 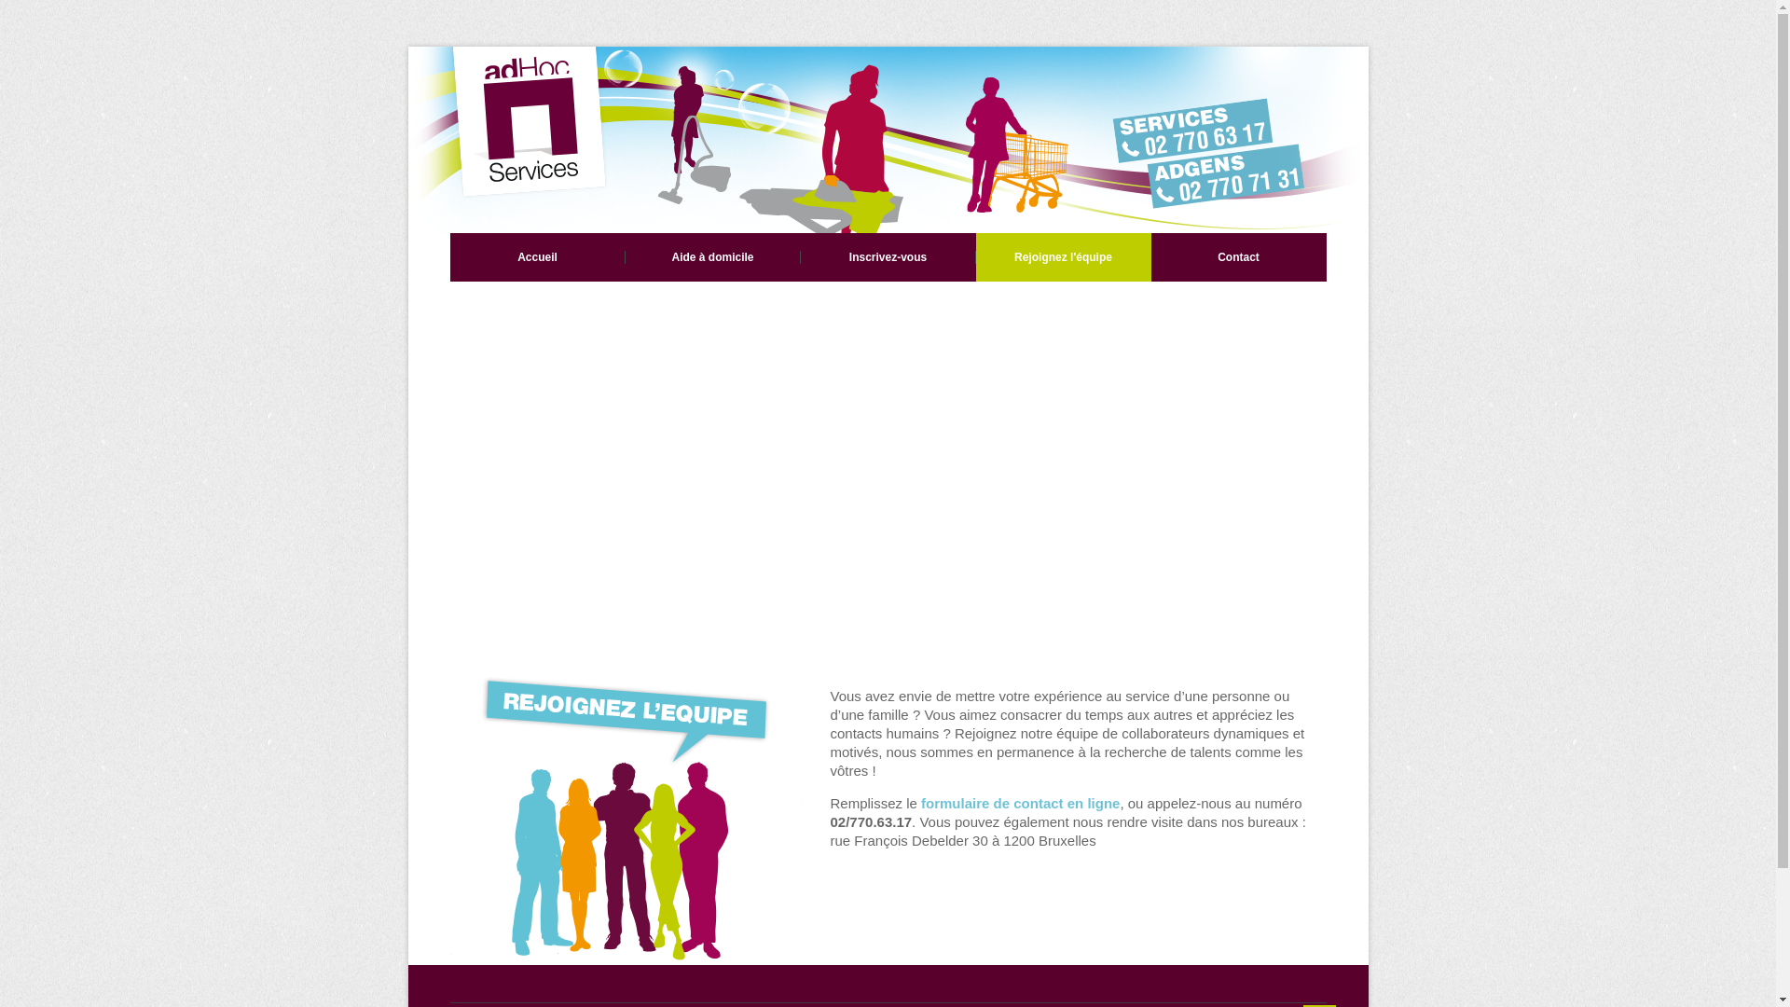 What do you see at coordinates (1238, 257) in the screenshot?
I see `'Contact'` at bounding box center [1238, 257].